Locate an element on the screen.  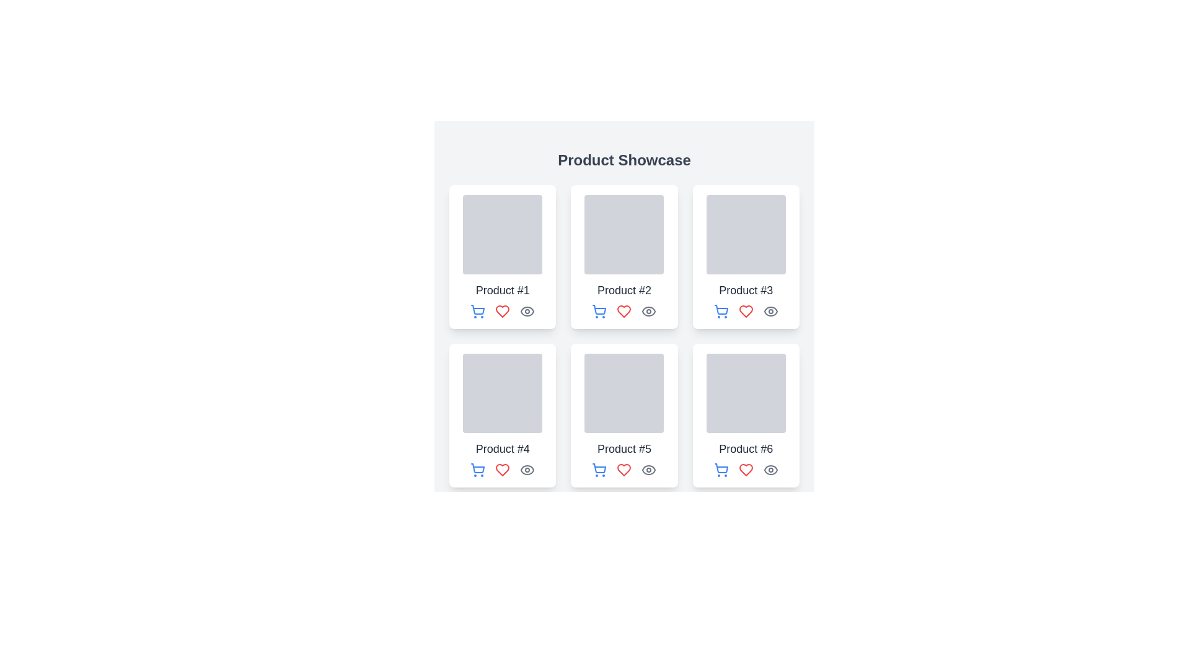
the button is located at coordinates (721, 310).